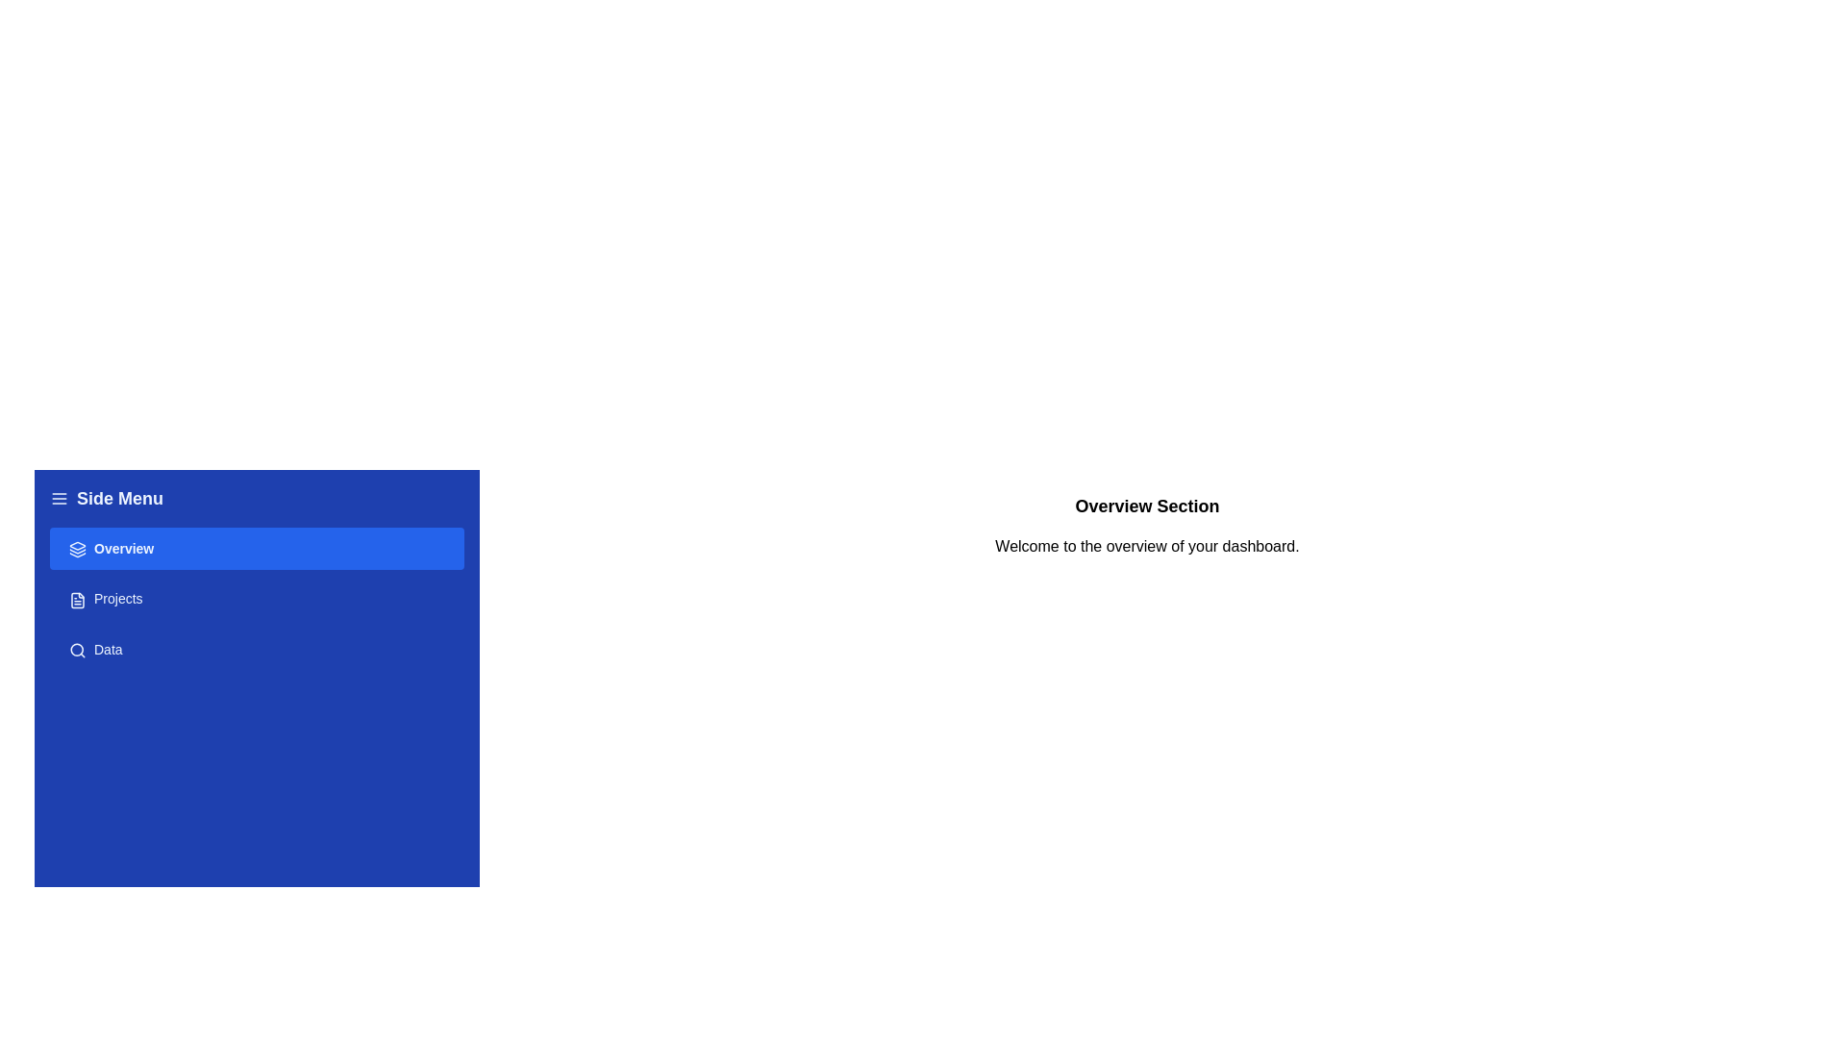 Image resolution: width=1846 pixels, height=1038 pixels. What do you see at coordinates (1147, 506) in the screenshot?
I see `the static text heading that serves as a title for the section, positioned centrally above the descriptive text` at bounding box center [1147, 506].